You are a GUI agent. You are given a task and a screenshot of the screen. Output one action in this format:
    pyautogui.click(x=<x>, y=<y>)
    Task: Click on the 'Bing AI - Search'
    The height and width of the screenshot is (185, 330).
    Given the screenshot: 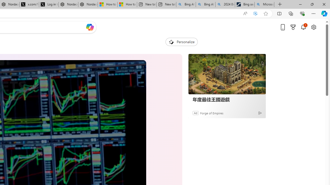 What is the action you would take?
    pyautogui.click(x=205, y=4)
    